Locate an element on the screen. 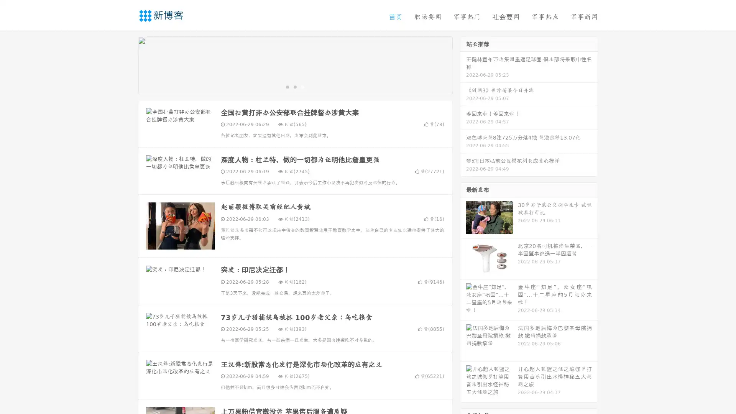 The height and width of the screenshot is (414, 736). Go to slide 3 is located at coordinates (302, 86).